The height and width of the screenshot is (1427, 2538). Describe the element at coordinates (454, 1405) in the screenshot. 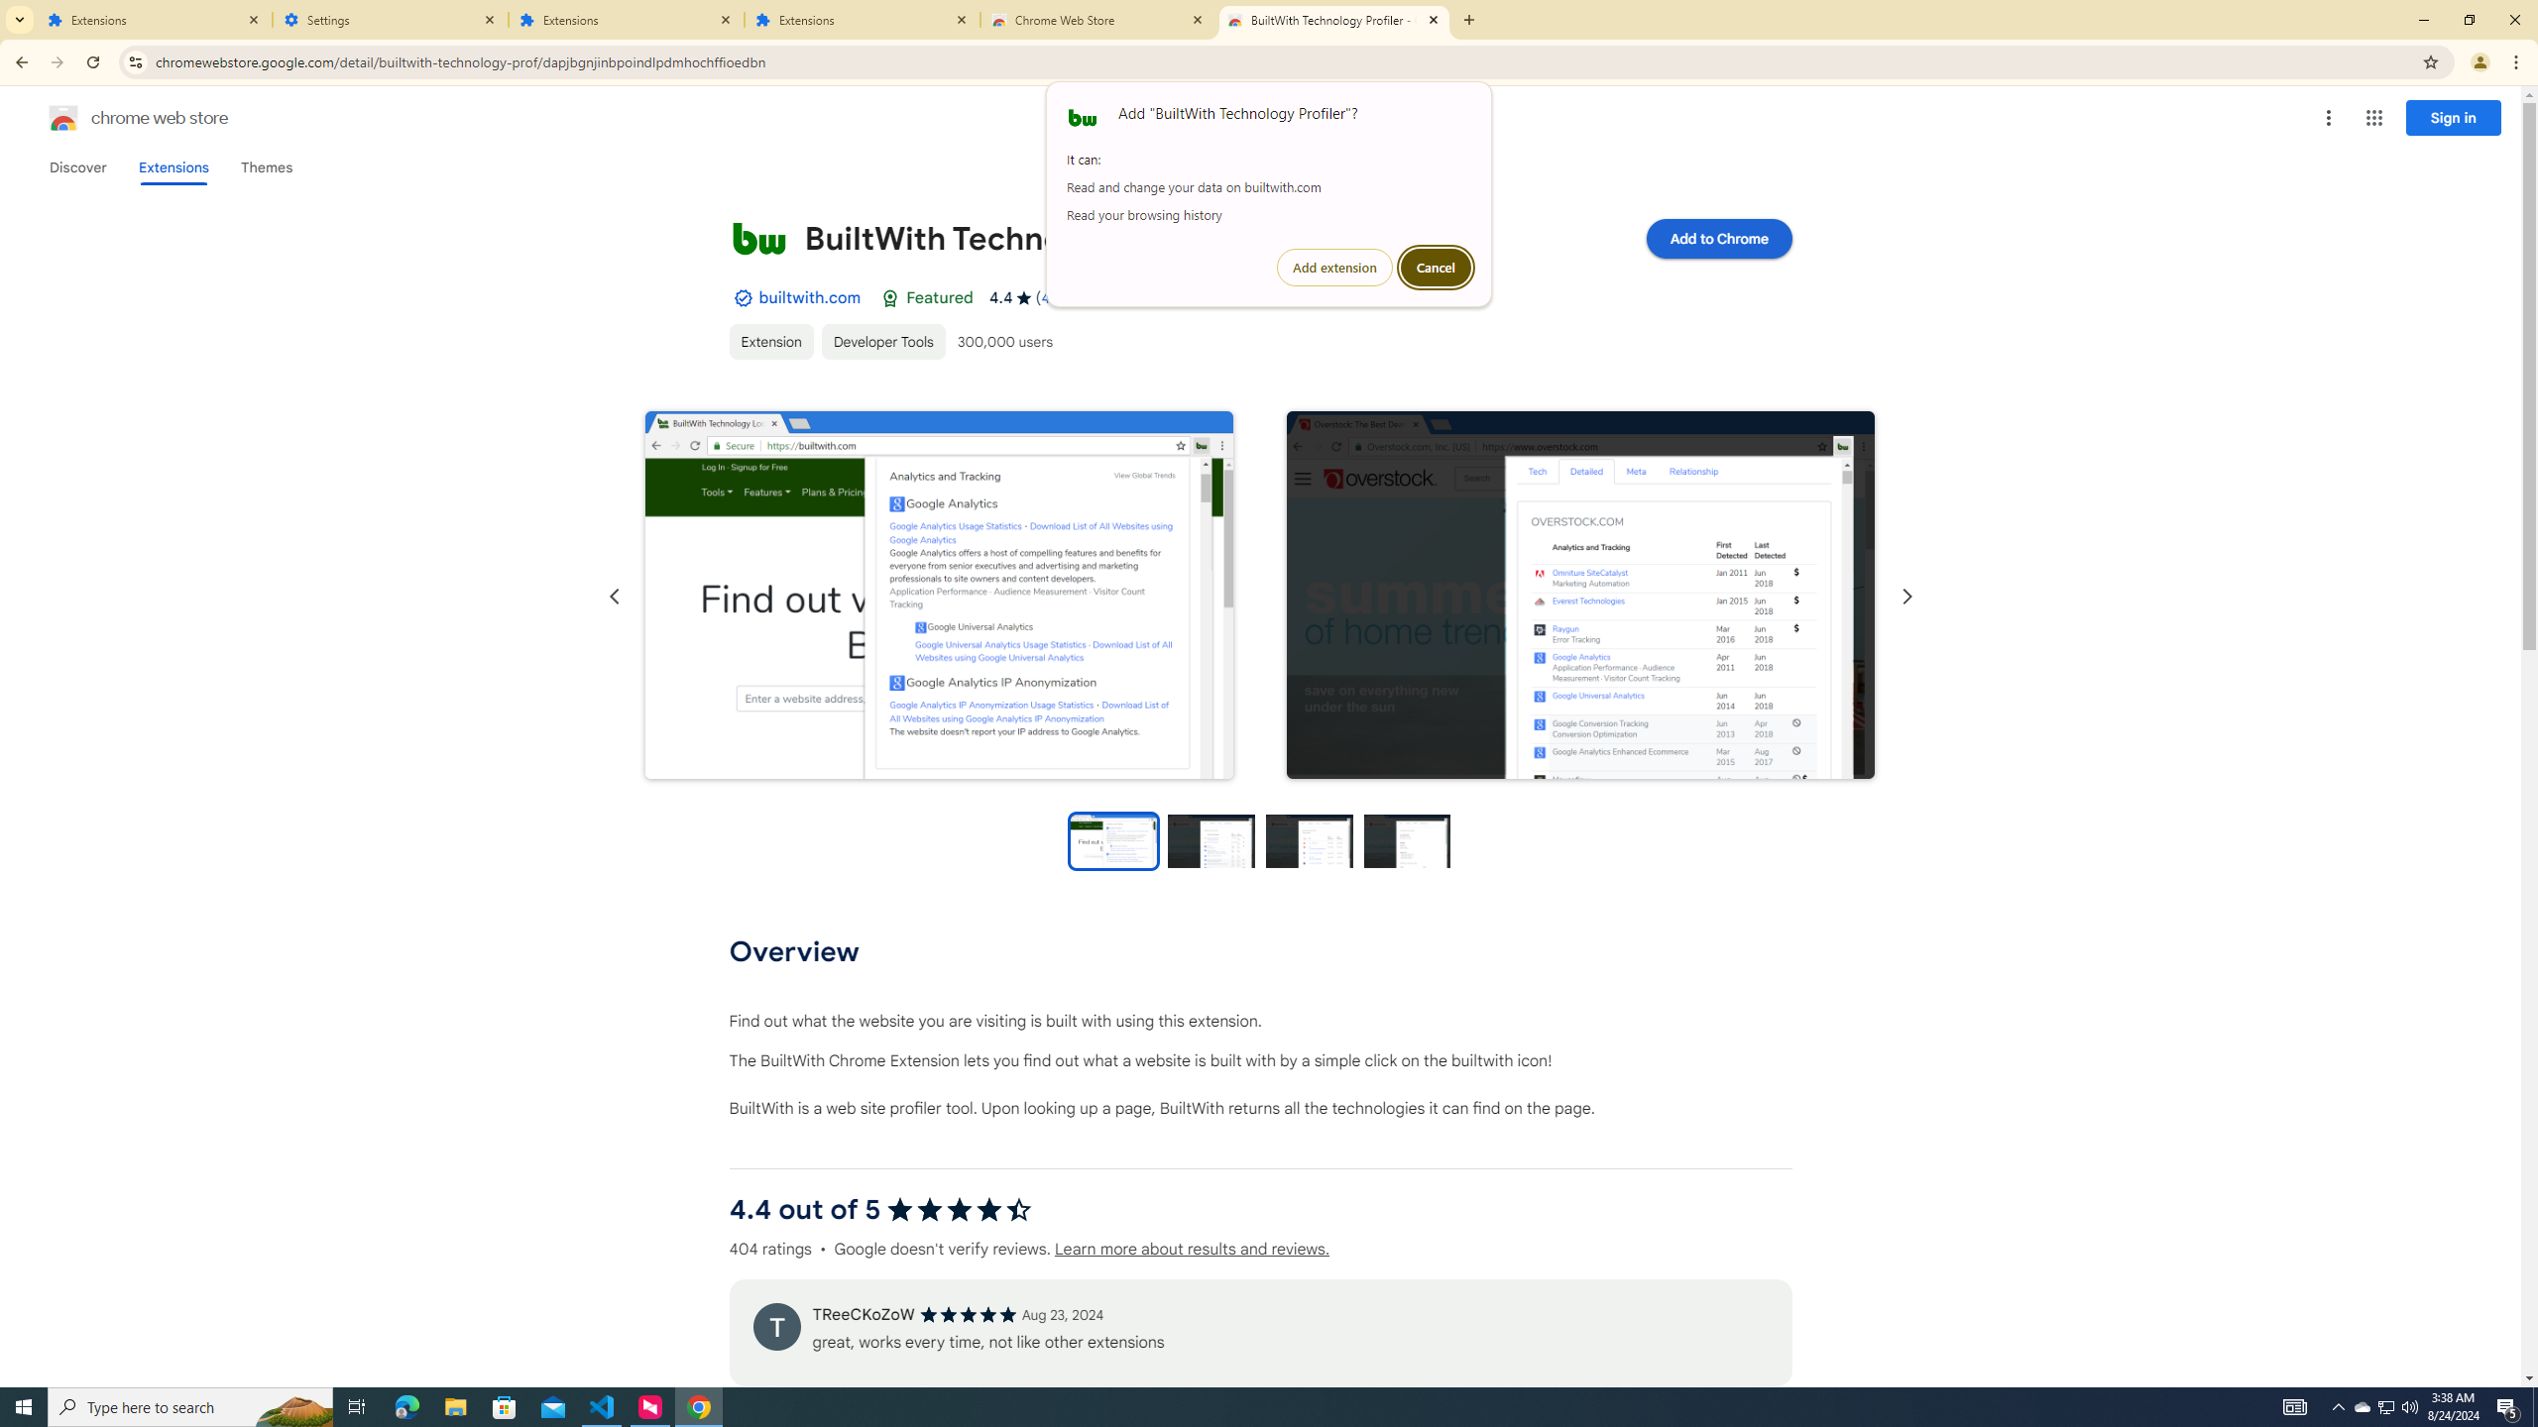

I see `'File Explorer'` at that location.